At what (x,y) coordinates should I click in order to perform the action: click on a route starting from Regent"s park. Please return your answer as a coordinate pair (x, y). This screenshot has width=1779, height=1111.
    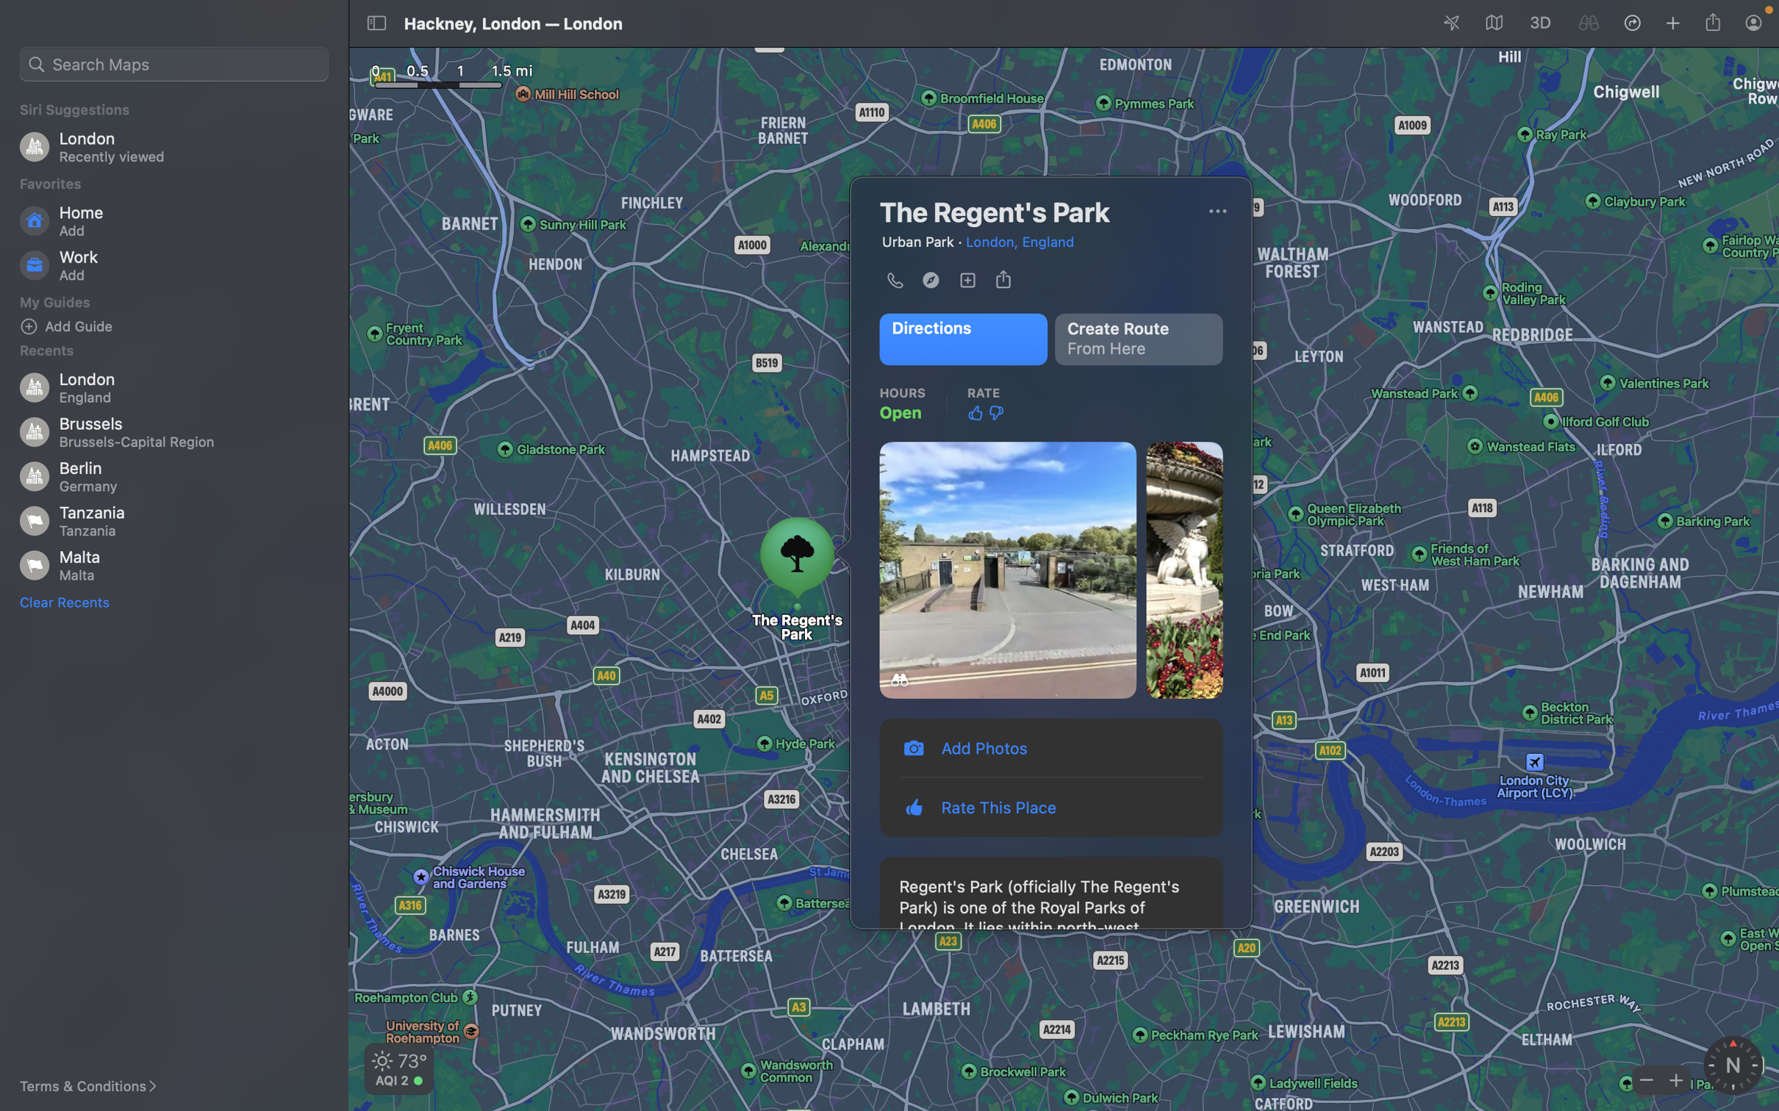
    Looking at the image, I should click on (1141, 339).